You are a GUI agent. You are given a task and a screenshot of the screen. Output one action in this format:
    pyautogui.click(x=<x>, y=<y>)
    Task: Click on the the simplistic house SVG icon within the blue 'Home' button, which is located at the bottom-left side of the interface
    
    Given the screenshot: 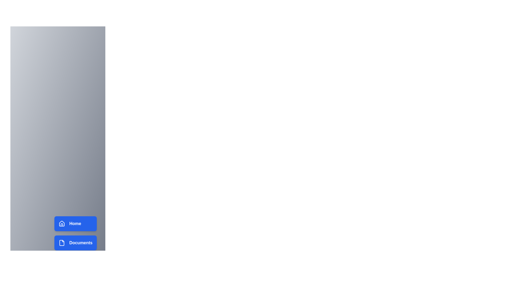 What is the action you would take?
    pyautogui.click(x=62, y=224)
    